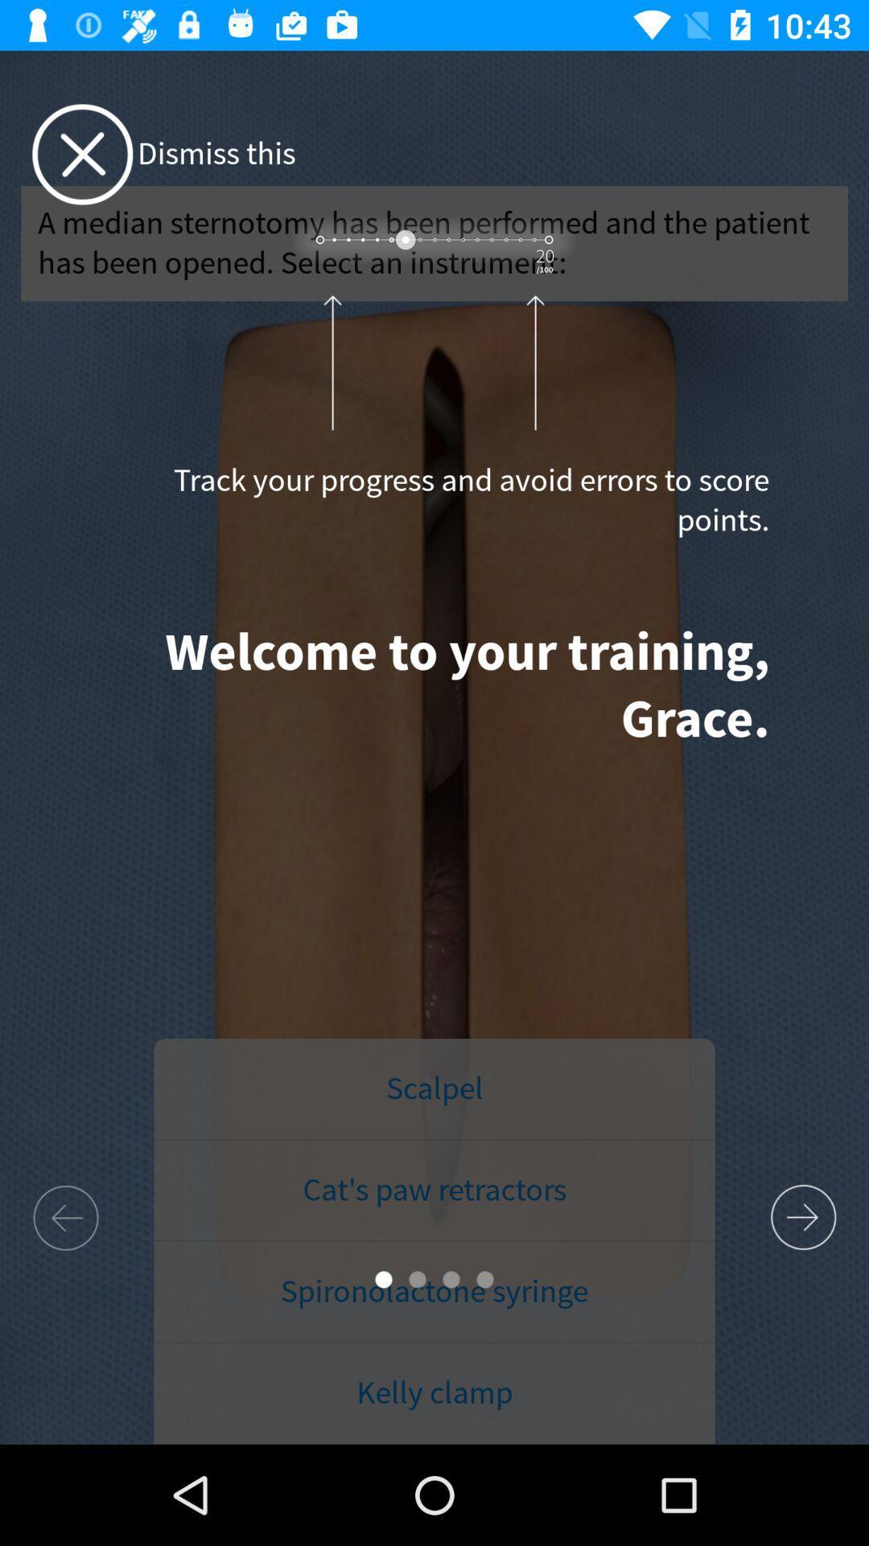 This screenshot has width=869, height=1546. What do you see at coordinates (434, 1292) in the screenshot?
I see `item below cat s paw` at bounding box center [434, 1292].